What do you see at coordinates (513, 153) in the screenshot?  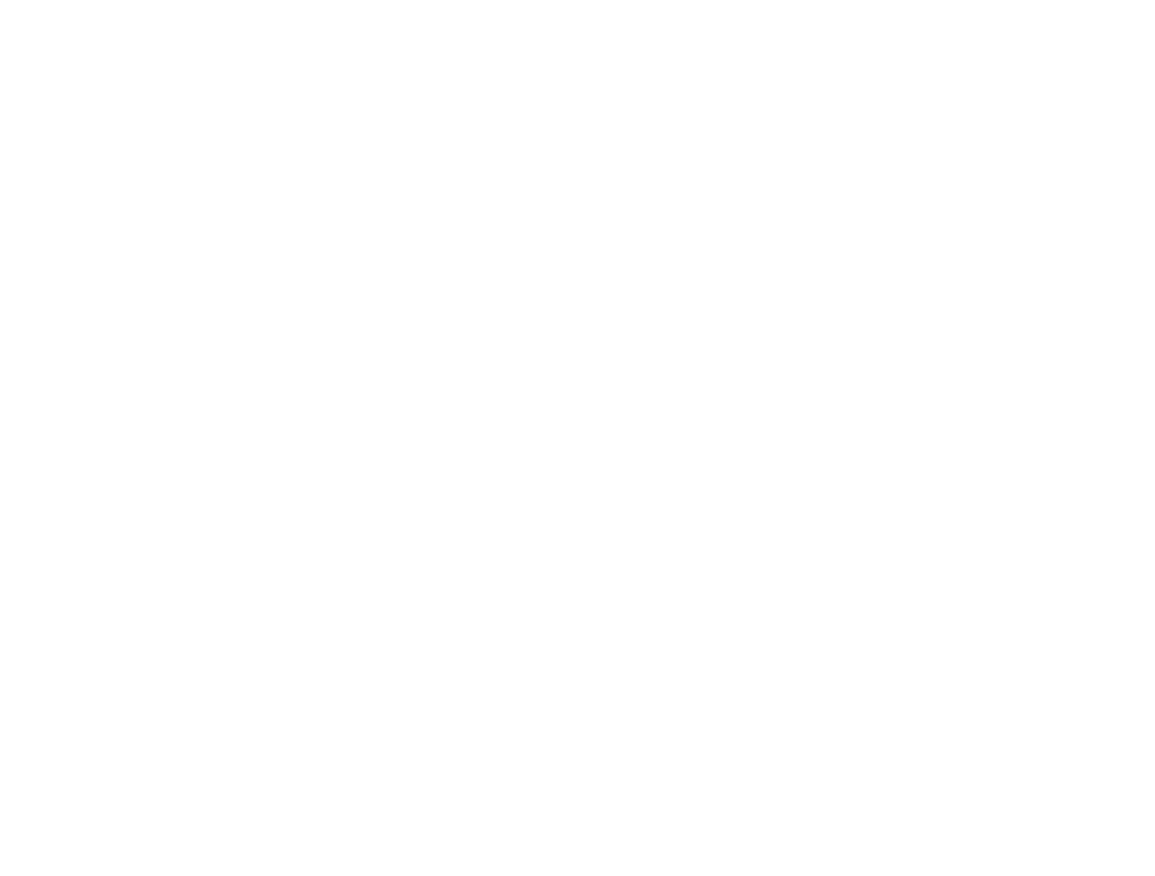 I see `'Taste the local specials'` at bounding box center [513, 153].